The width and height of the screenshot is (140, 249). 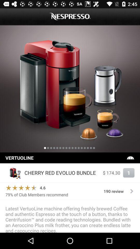 What do you see at coordinates (42, 187) in the screenshot?
I see `icon next to 190 review` at bounding box center [42, 187].